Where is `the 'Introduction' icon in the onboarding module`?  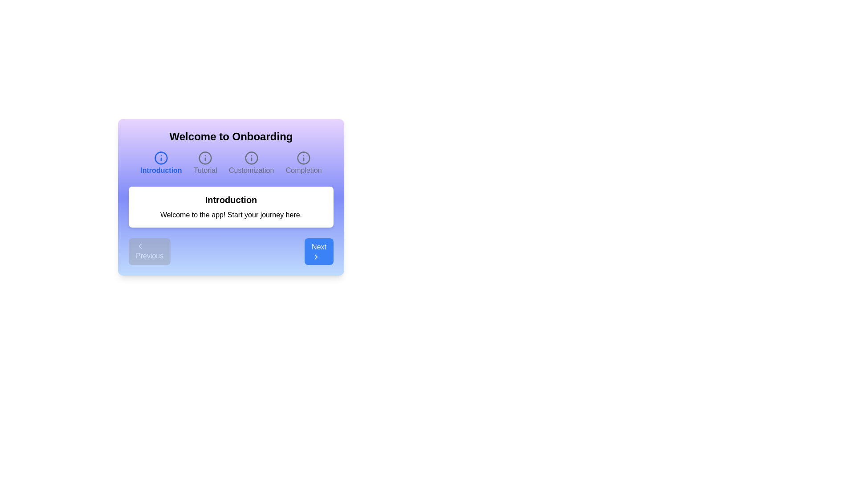 the 'Introduction' icon in the onboarding module is located at coordinates (161, 157).